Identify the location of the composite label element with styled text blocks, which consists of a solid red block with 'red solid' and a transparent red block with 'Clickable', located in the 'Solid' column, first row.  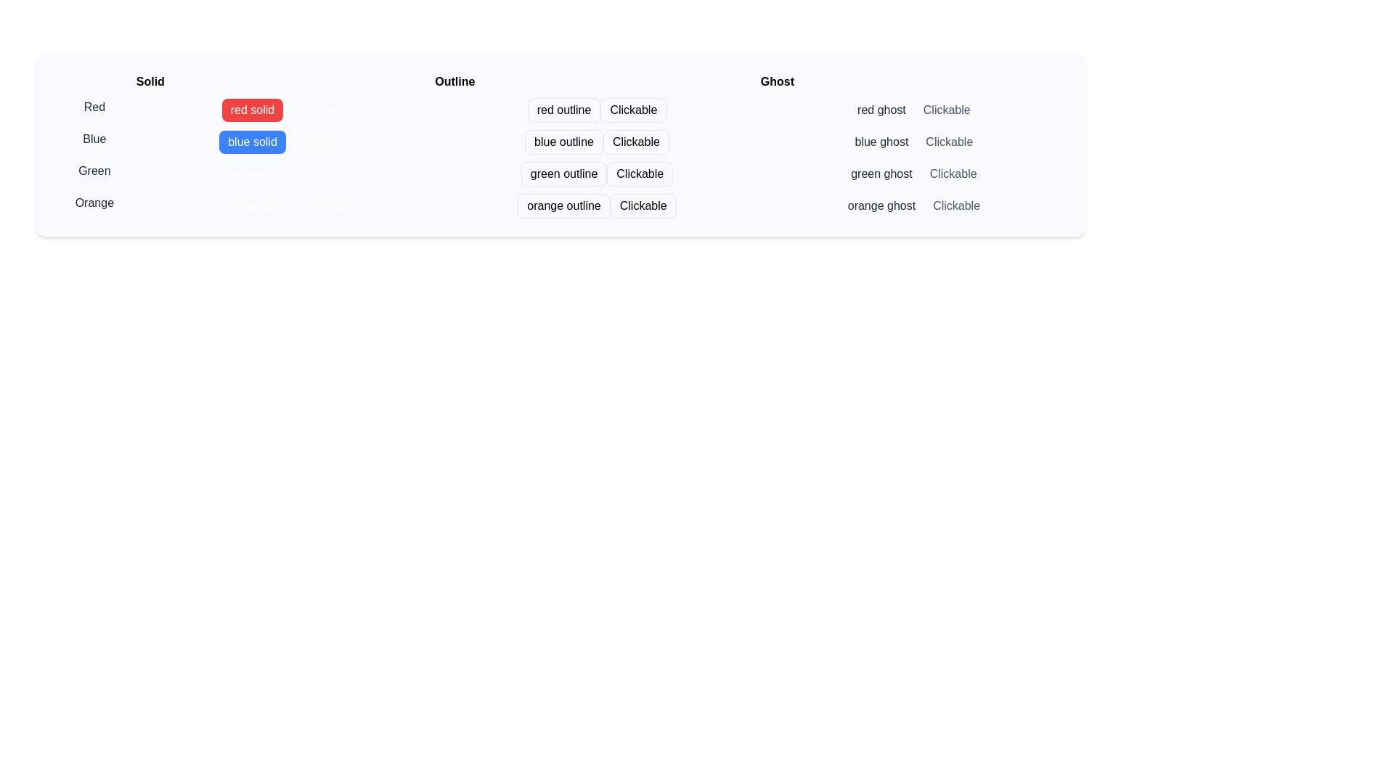
(285, 106).